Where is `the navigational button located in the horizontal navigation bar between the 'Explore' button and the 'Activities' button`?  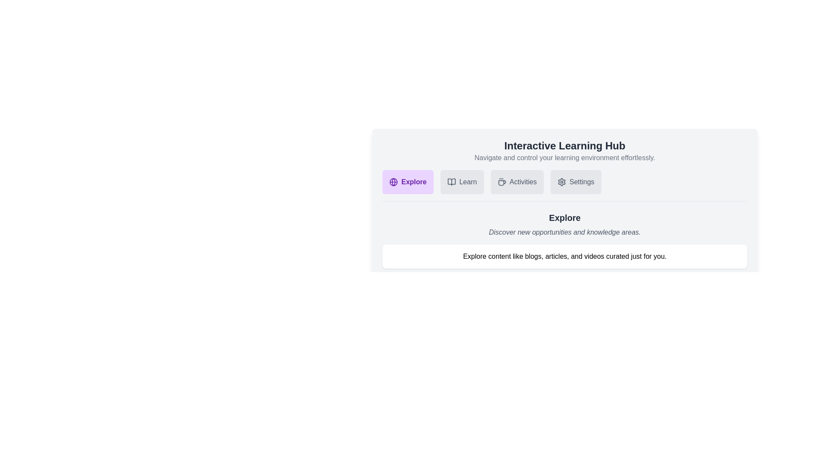 the navigational button located in the horizontal navigation bar between the 'Explore' button and the 'Activities' button is located at coordinates (462, 182).